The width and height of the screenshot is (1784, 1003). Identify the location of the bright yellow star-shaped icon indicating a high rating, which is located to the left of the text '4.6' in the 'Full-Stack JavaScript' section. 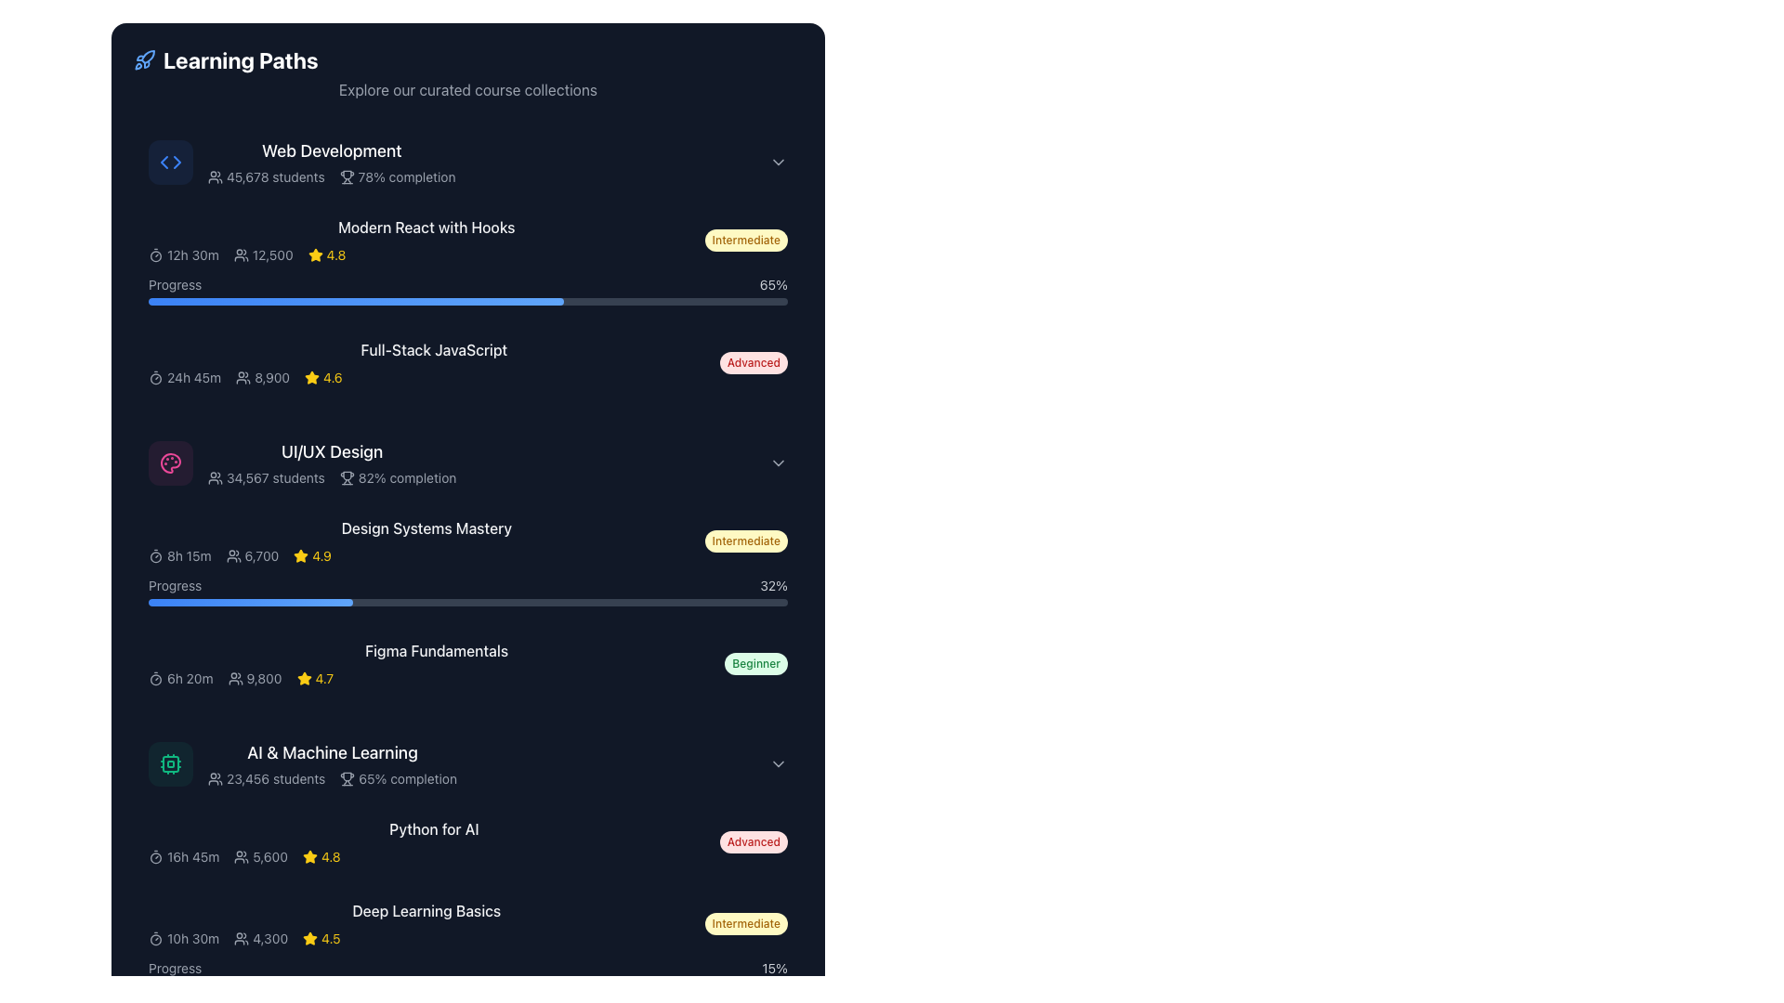
(312, 377).